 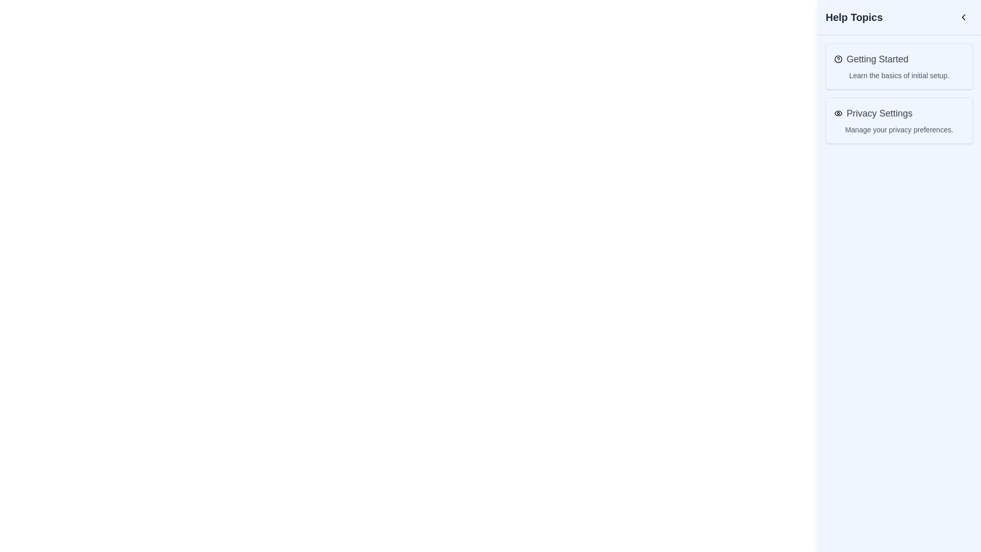 What do you see at coordinates (899, 59) in the screenshot?
I see `the Label with icon that identifies a help topic for the introductory guide or onboarding procedure located at the top of the rectangular card in the 'Help Topics' section` at bounding box center [899, 59].